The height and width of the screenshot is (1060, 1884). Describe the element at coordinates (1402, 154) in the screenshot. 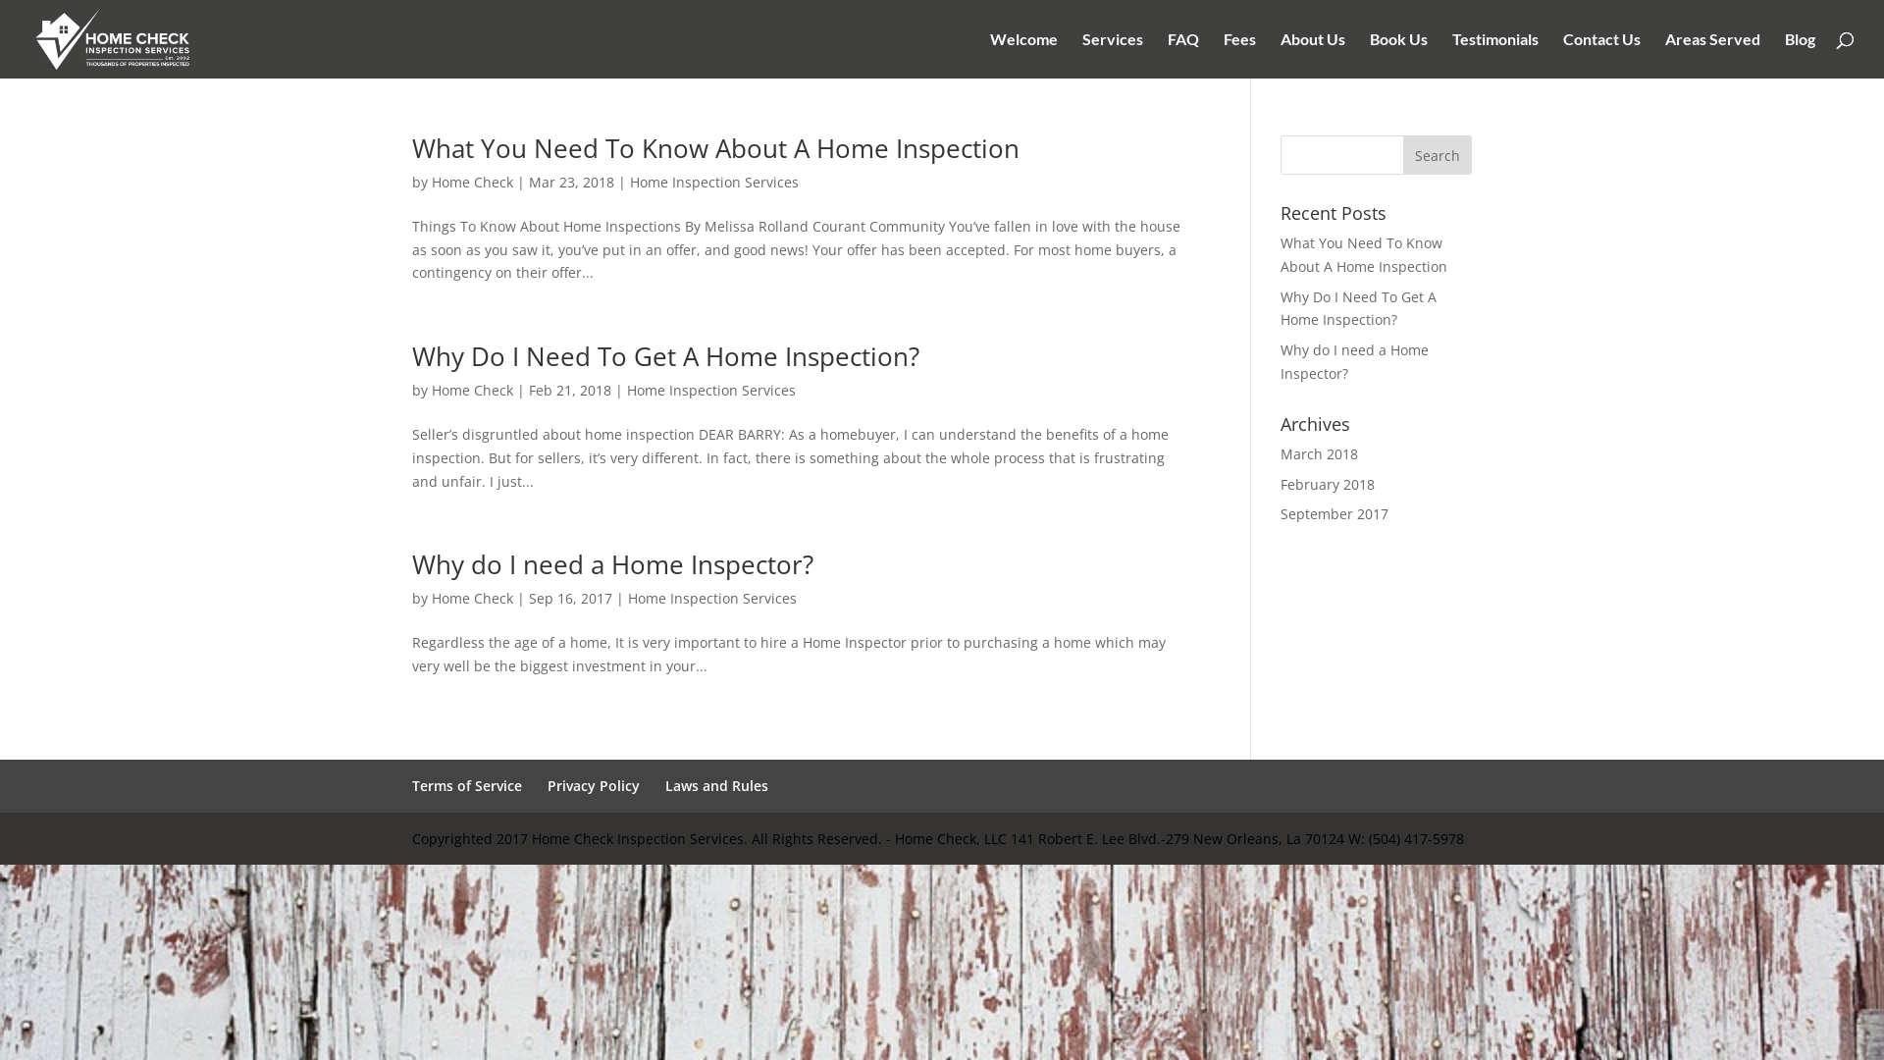

I see `'Search'` at that location.